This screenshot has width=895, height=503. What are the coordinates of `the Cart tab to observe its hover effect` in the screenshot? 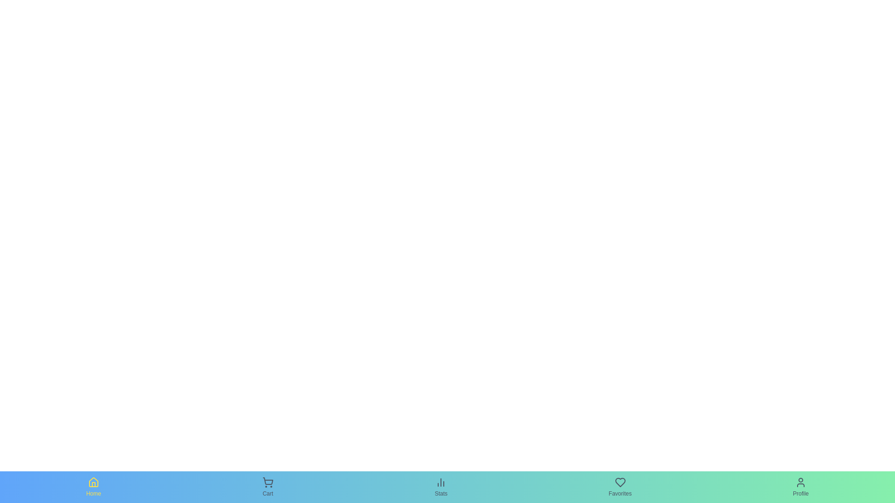 It's located at (267, 486).